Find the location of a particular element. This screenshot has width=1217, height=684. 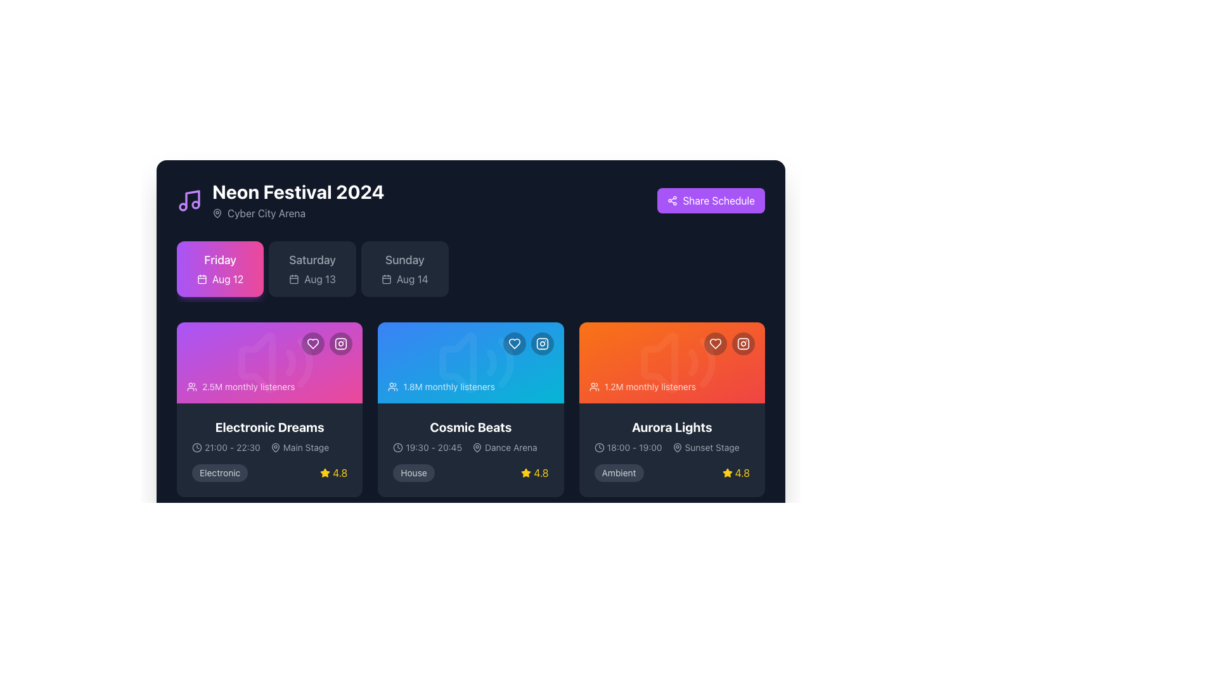

displayed information from the Text Display element that shows 'Neon Festival 2024' and 'Cyber City Arena' with a map pin icon is located at coordinates (297, 199).